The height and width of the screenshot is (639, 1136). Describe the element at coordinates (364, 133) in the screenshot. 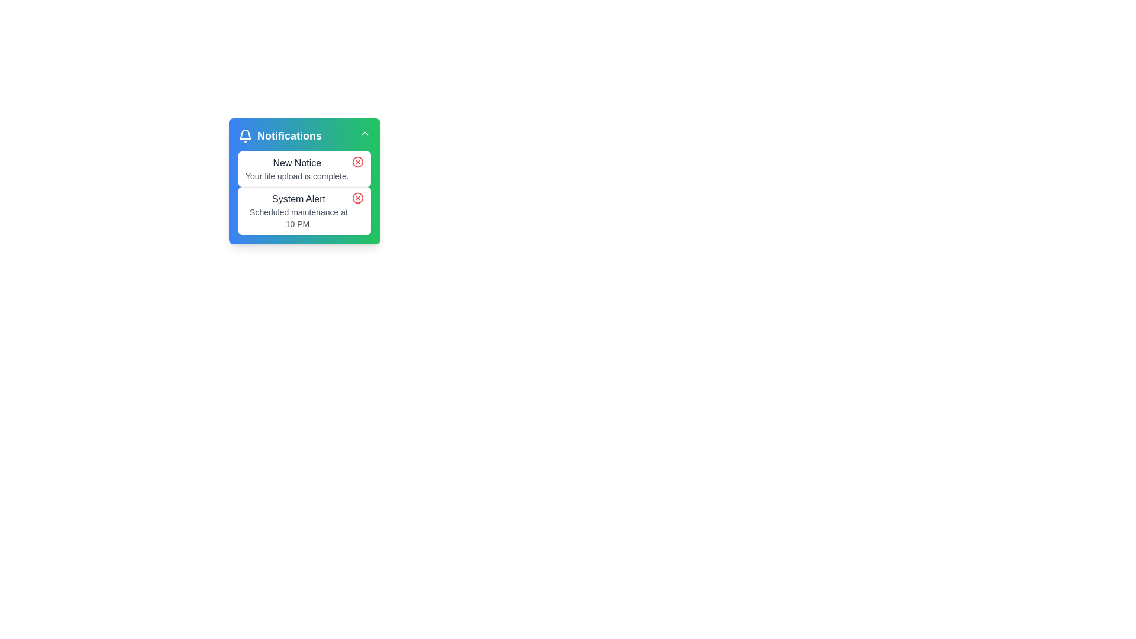

I see `the downward-facing chevron arrow button located at the top right corner of the Notifications section` at that location.